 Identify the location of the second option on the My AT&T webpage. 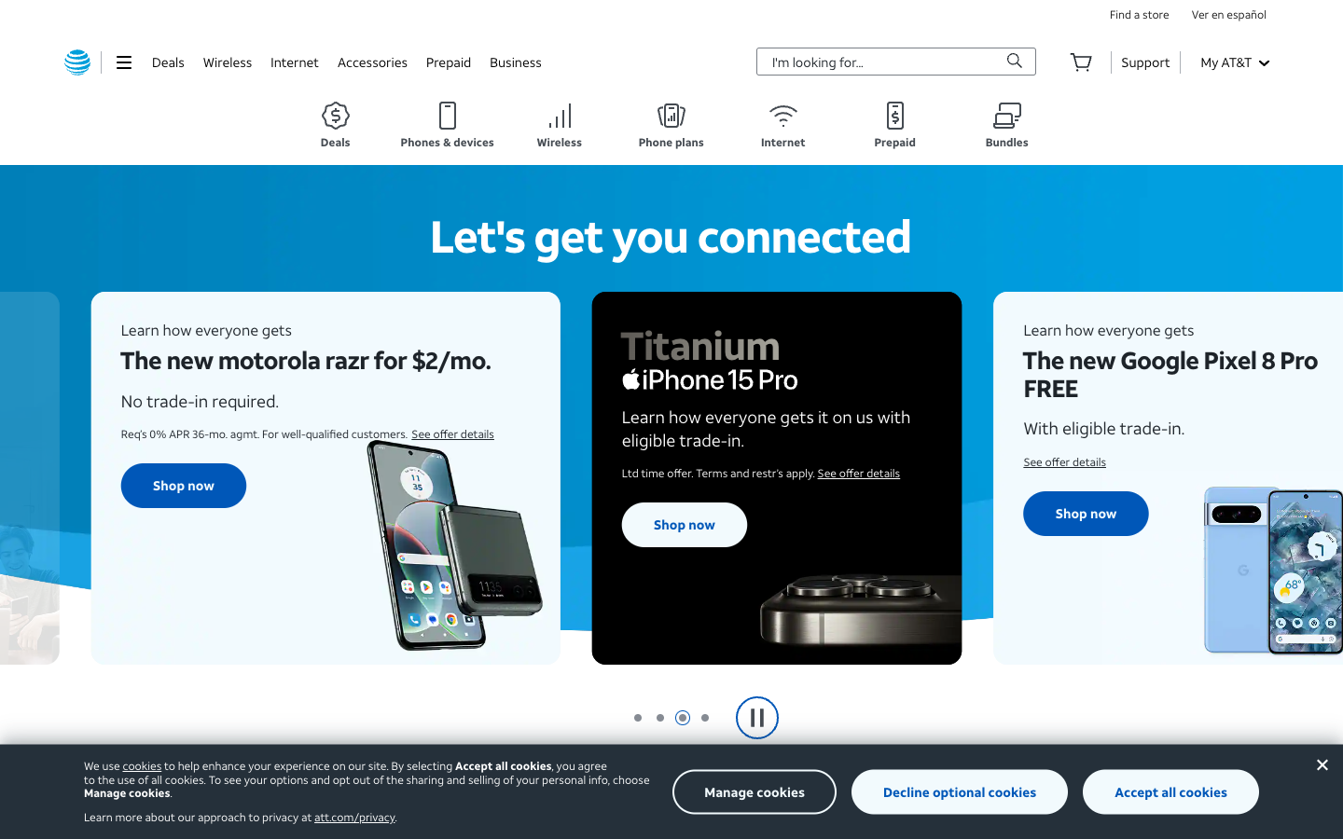
(1233, 61).